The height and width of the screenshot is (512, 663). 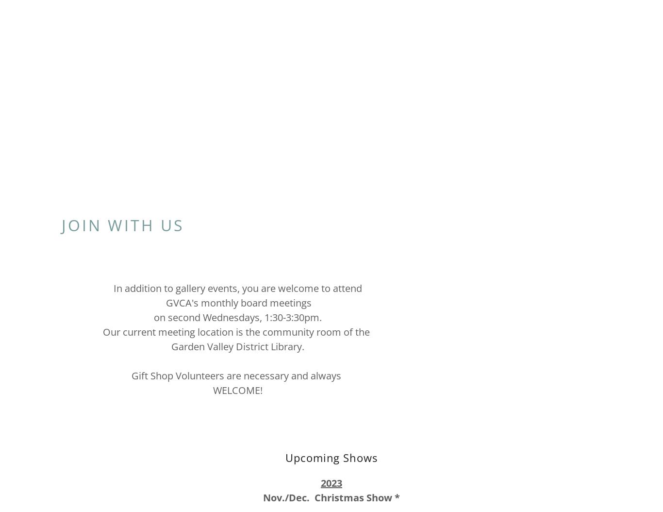 What do you see at coordinates (237, 287) in the screenshot?
I see `'In addition to gallery events, you are welcome to attend'` at bounding box center [237, 287].